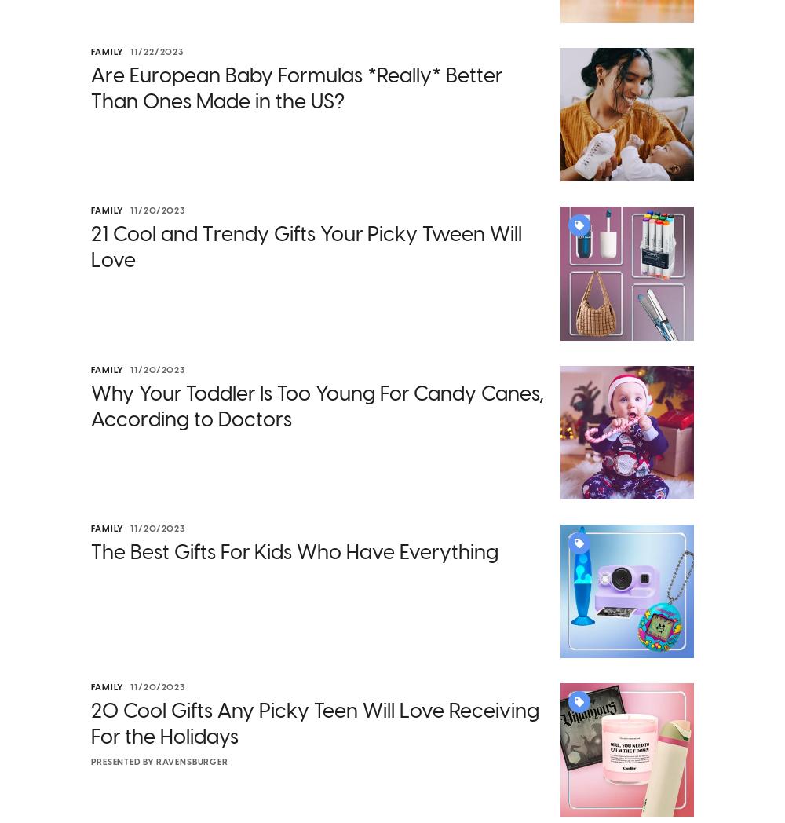 Image resolution: width=785 pixels, height=823 pixels. I want to click on 'Bryan Jamele', so click(469, 620).